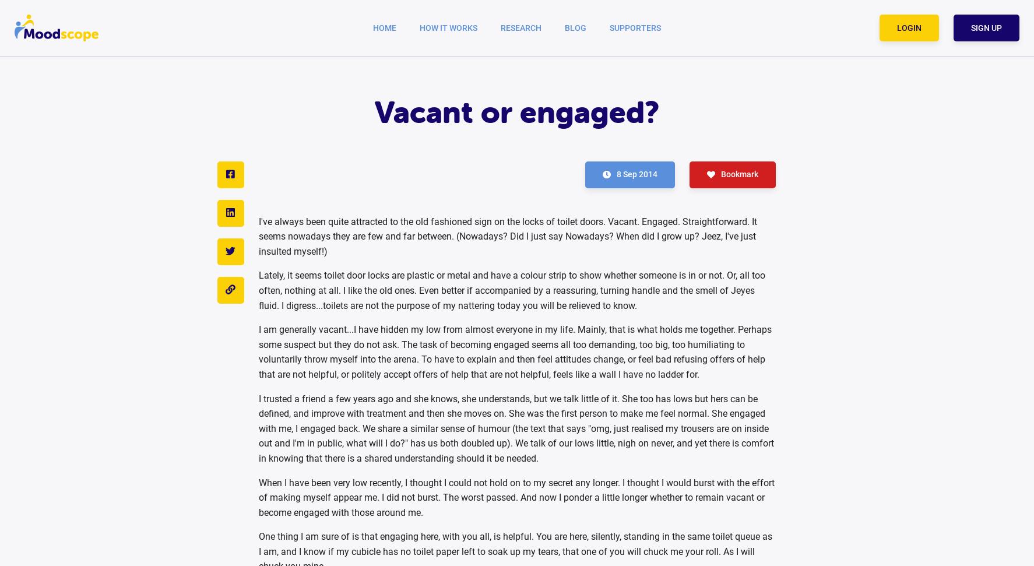 This screenshot has width=1034, height=566. What do you see at coordinates (511, 290) in the screenshot?
I see `'Lately, it seems toilet door locks are plastic or metal and have a colour strip to show whether someone is in or not. Or, all too often, nothing at all. I like the old ones.  Even better if accompanied by a reassuring, turning handle and the smell of Jeyes fluid.  I digress...toilets are not the purpose of my nattering today you will be relieved to know.'` at bounding box center [511, 290].